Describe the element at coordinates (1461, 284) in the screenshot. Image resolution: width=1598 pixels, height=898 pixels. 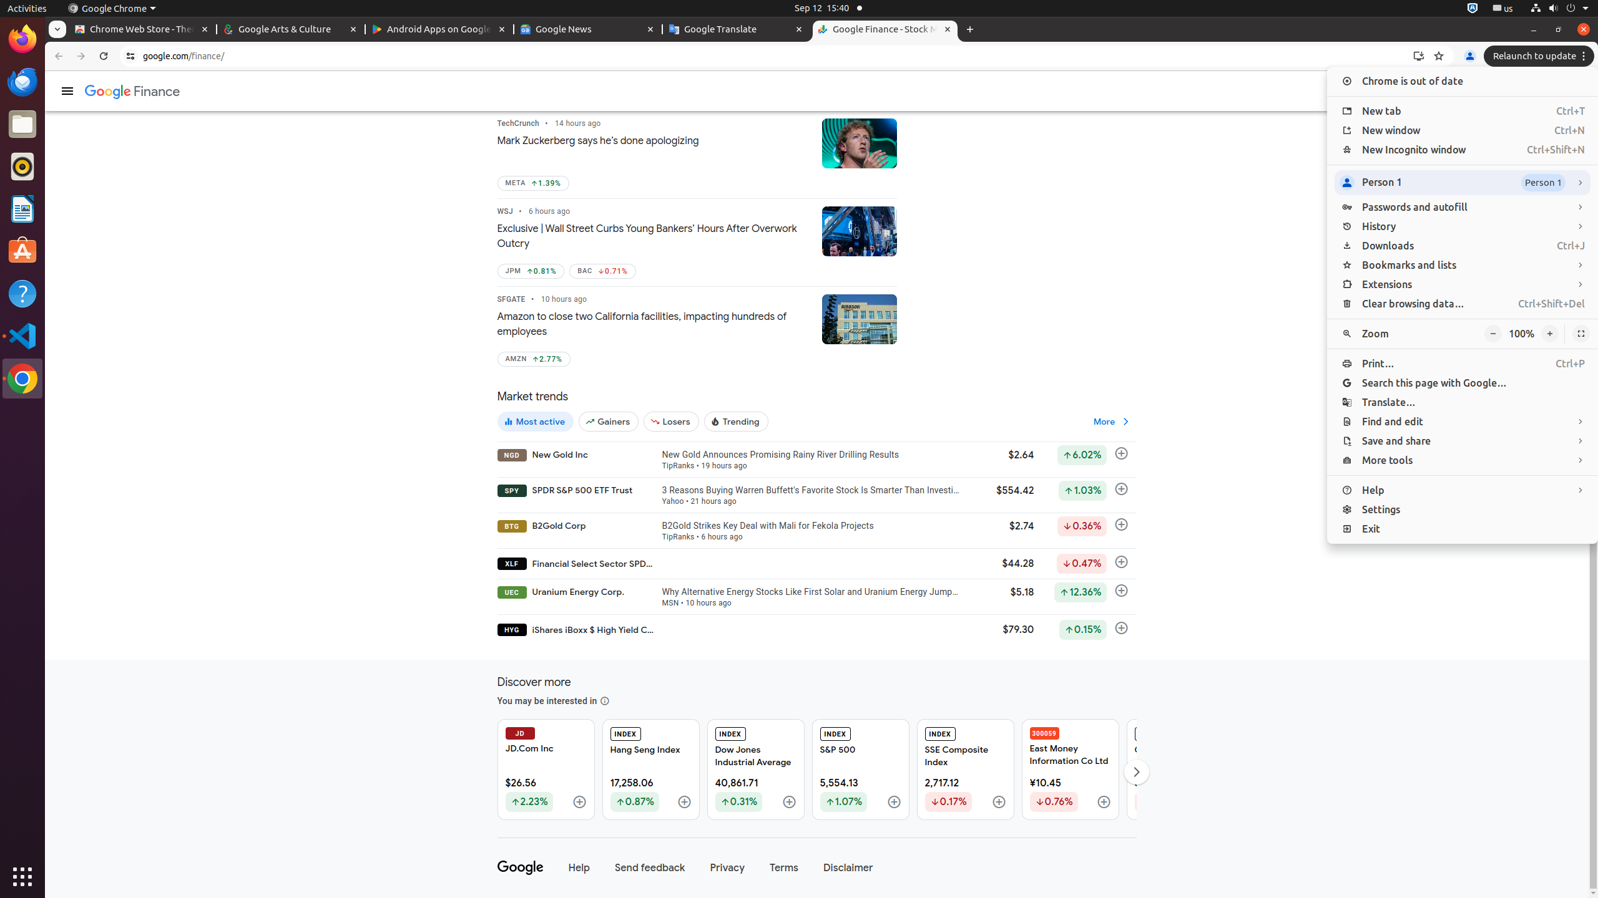
I see `'Extensions'` at that location.